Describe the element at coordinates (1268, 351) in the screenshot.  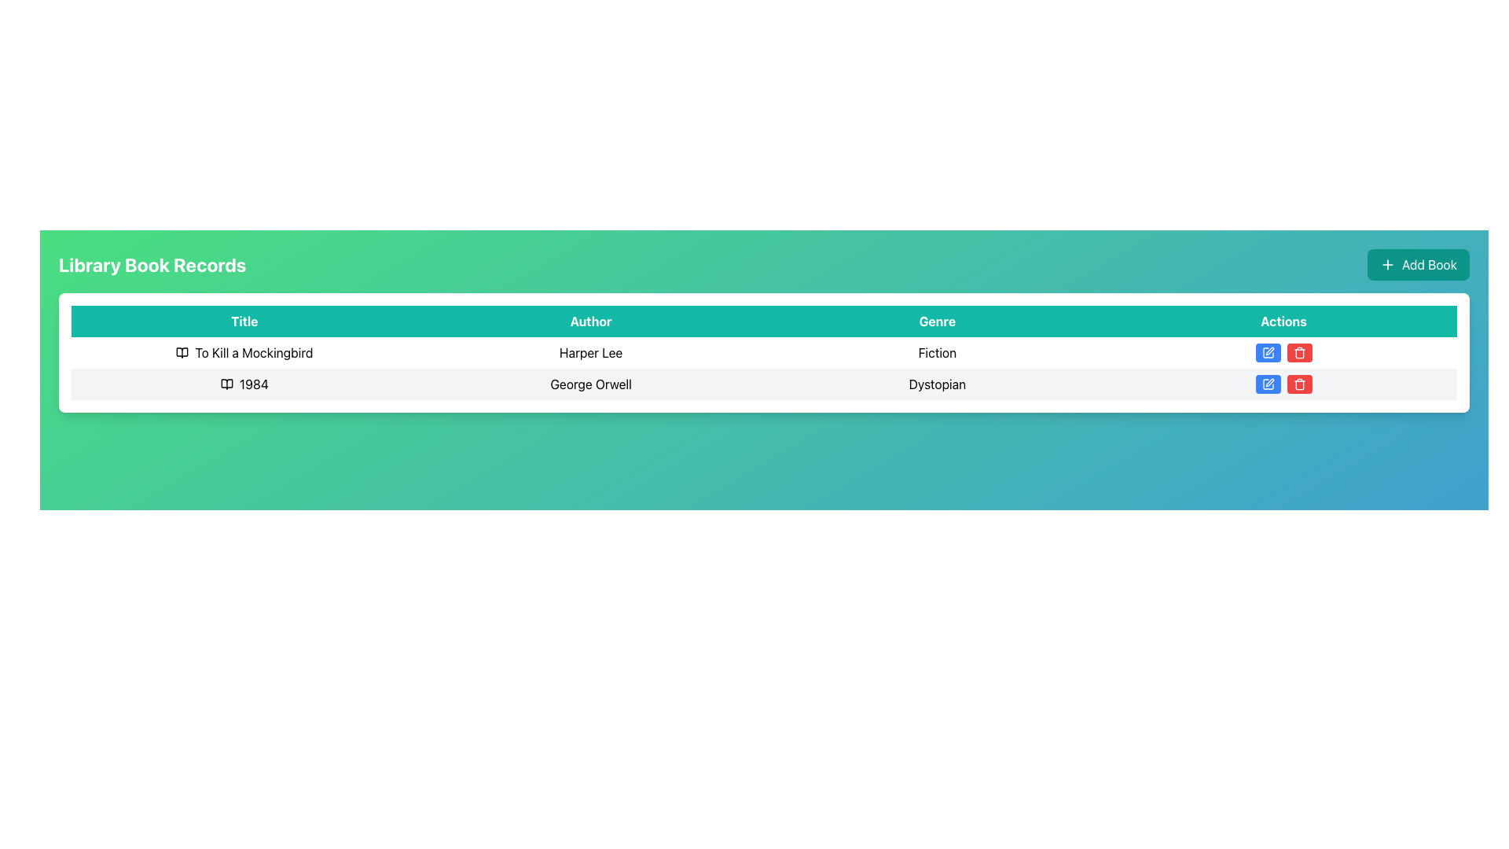
I see `the edit icon button located in the Actions column of the table for the book title '1984'` at that location.